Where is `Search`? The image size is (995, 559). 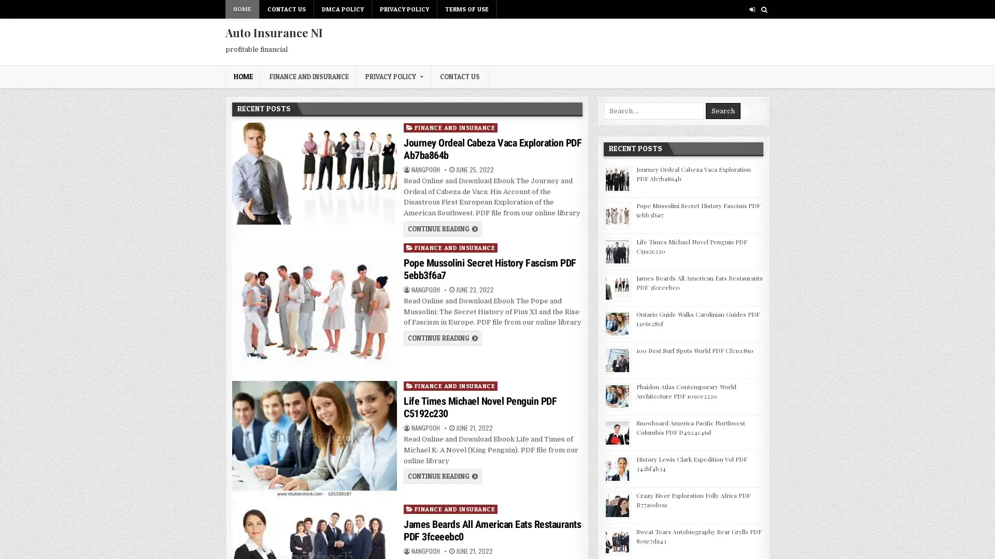
Search is located at coordinates (722, 111).